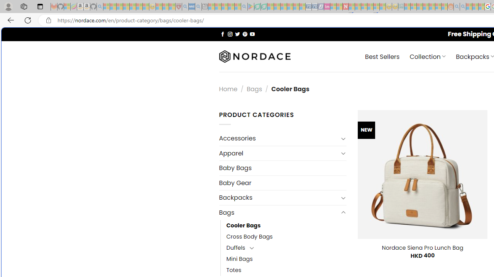  What do you see at coordinates (282, 183) in the screenshot?
I see `'Baby Gear'` at bounding box center [282, 183].